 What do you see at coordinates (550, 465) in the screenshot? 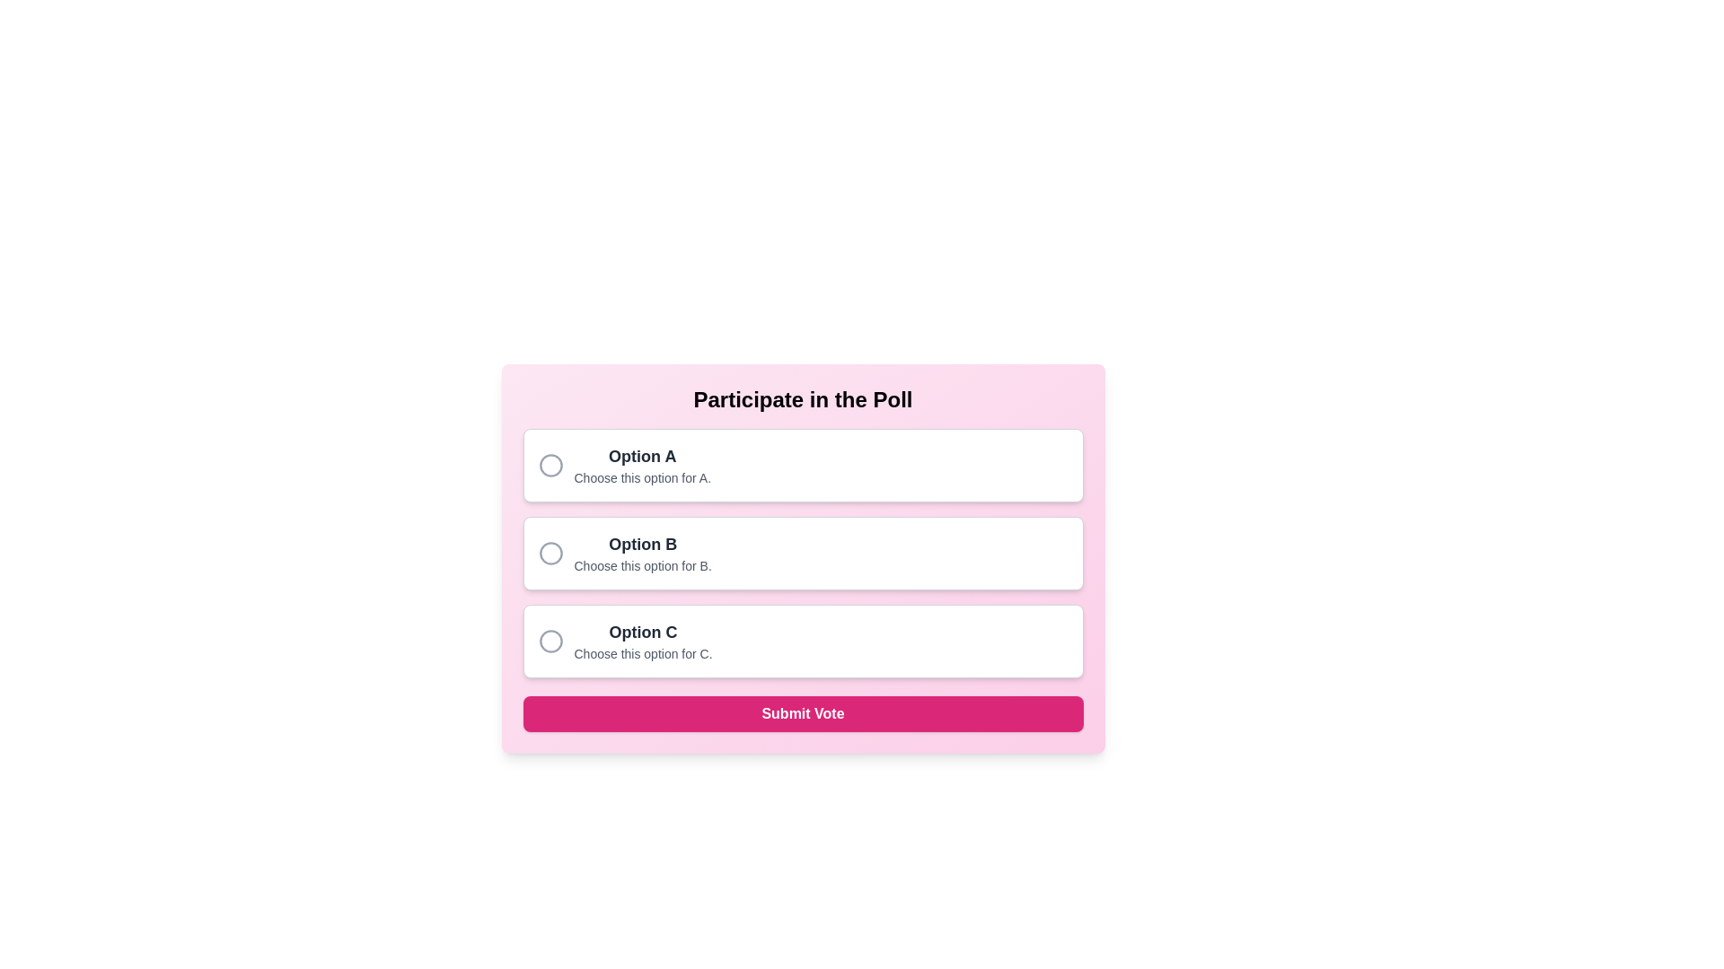
I see `the radio button for 'Option A'` at bounding box center [550, 465].